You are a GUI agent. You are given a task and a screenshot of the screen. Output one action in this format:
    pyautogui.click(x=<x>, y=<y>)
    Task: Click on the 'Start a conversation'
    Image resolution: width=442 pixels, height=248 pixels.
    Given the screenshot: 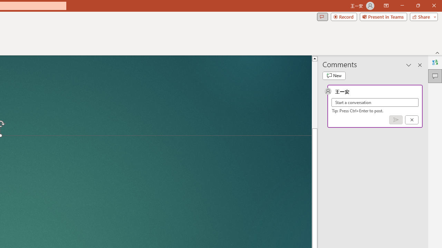 What is the action you would take?
    pyautogui.click(x=375, y=102)
    